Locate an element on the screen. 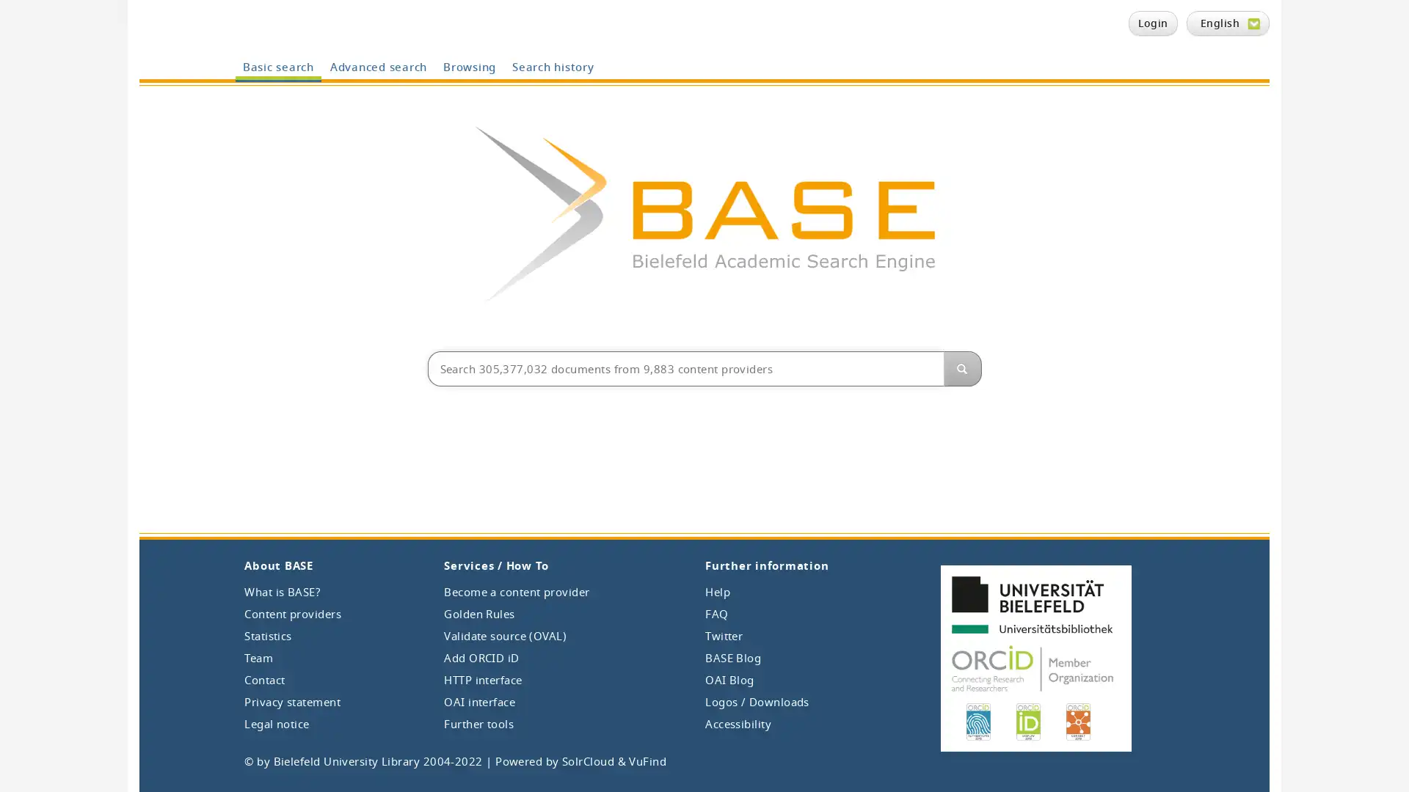 The width and height of the screenshot is (1409, 792). Search is located at coordinates (961, 367).